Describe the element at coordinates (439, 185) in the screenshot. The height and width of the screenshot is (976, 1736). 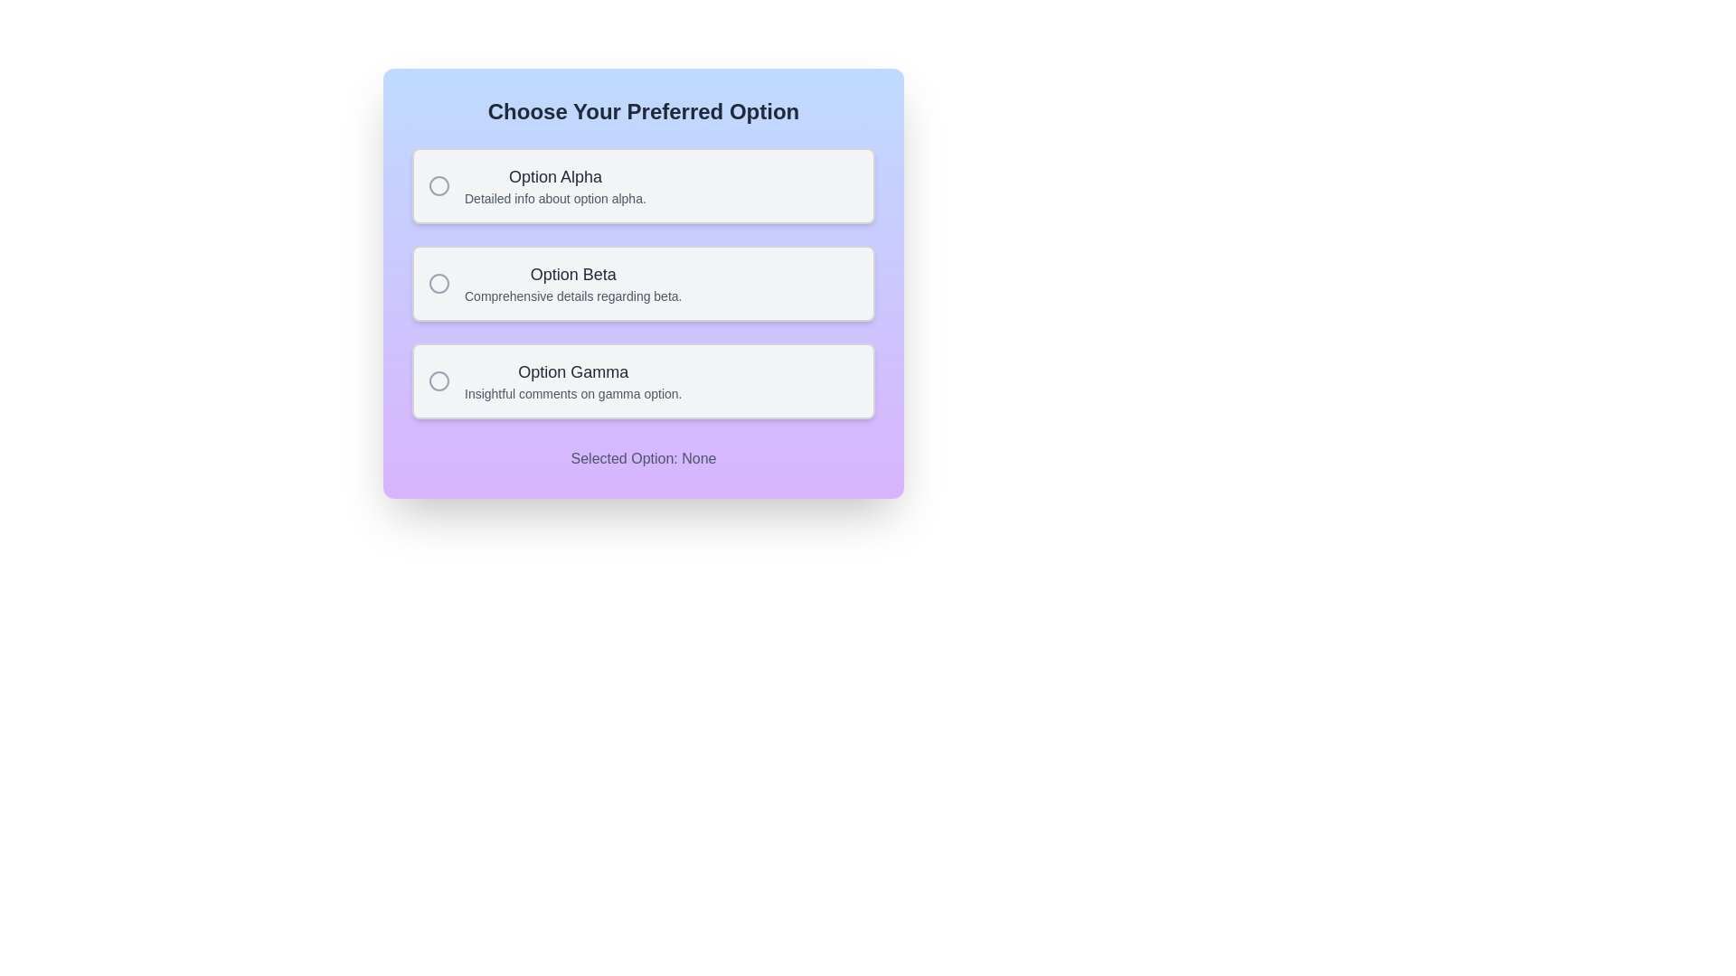
I see `the radio button indicator (circle) associated with the label 'Option Alpha' for keyboard interaction` at that location.